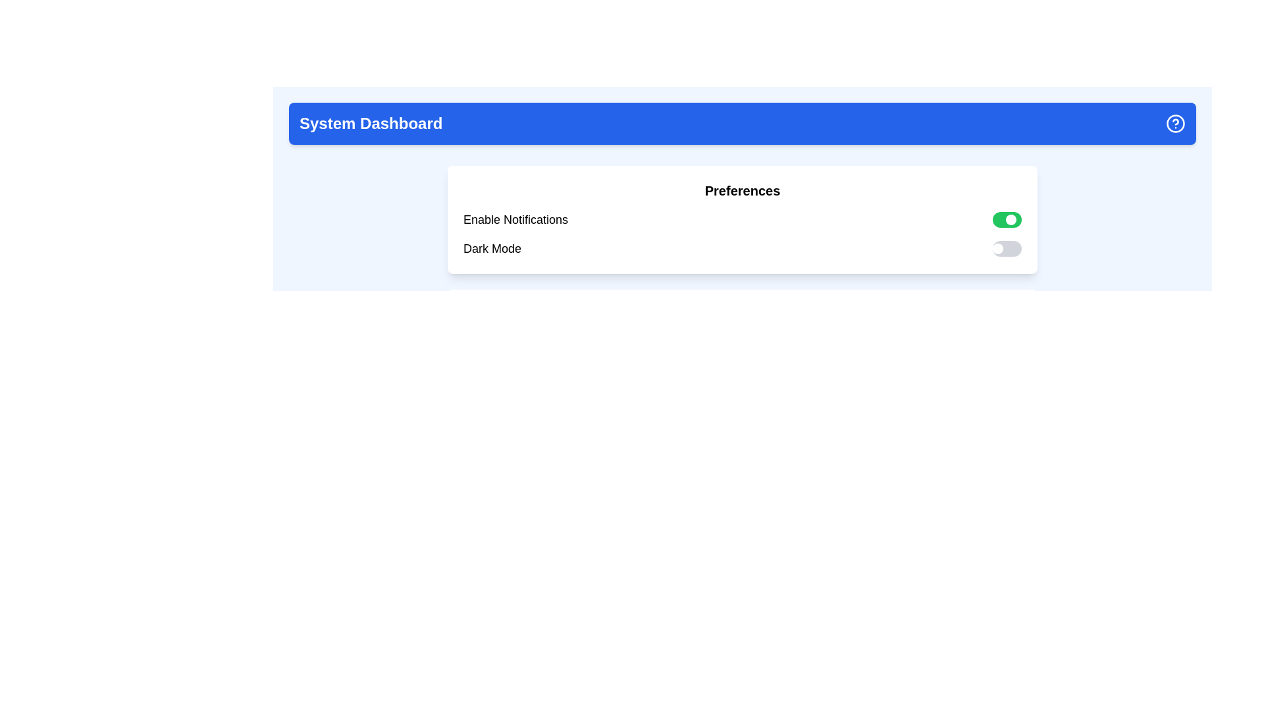 This screenshot has width=1264, height=711. I want to click on the toggle switch for enabling or disabling the 'Enable Notifications' setting, located in the preferences section, to the immediate right of the 'Enable Notifications' text label, so click(1007, 219).